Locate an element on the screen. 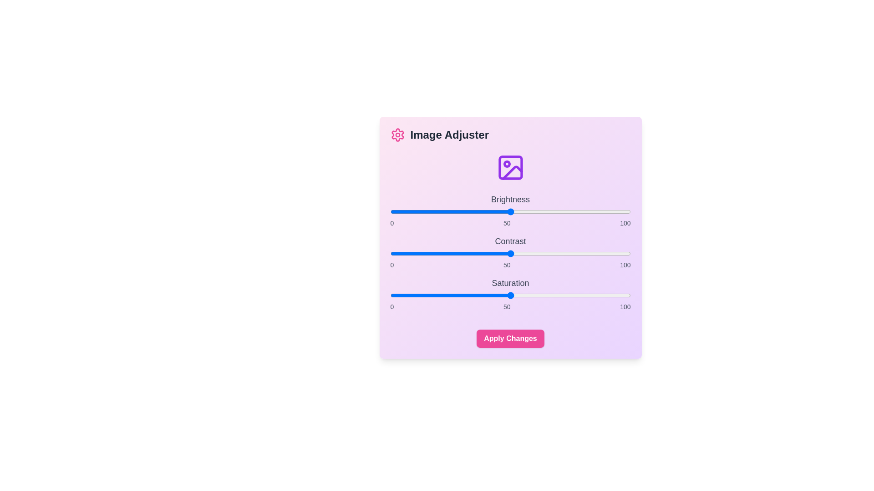 The height and width of the screenshot is (491, 874). the saturation slider to set the value to 37 is located at coordinates (478, 296).